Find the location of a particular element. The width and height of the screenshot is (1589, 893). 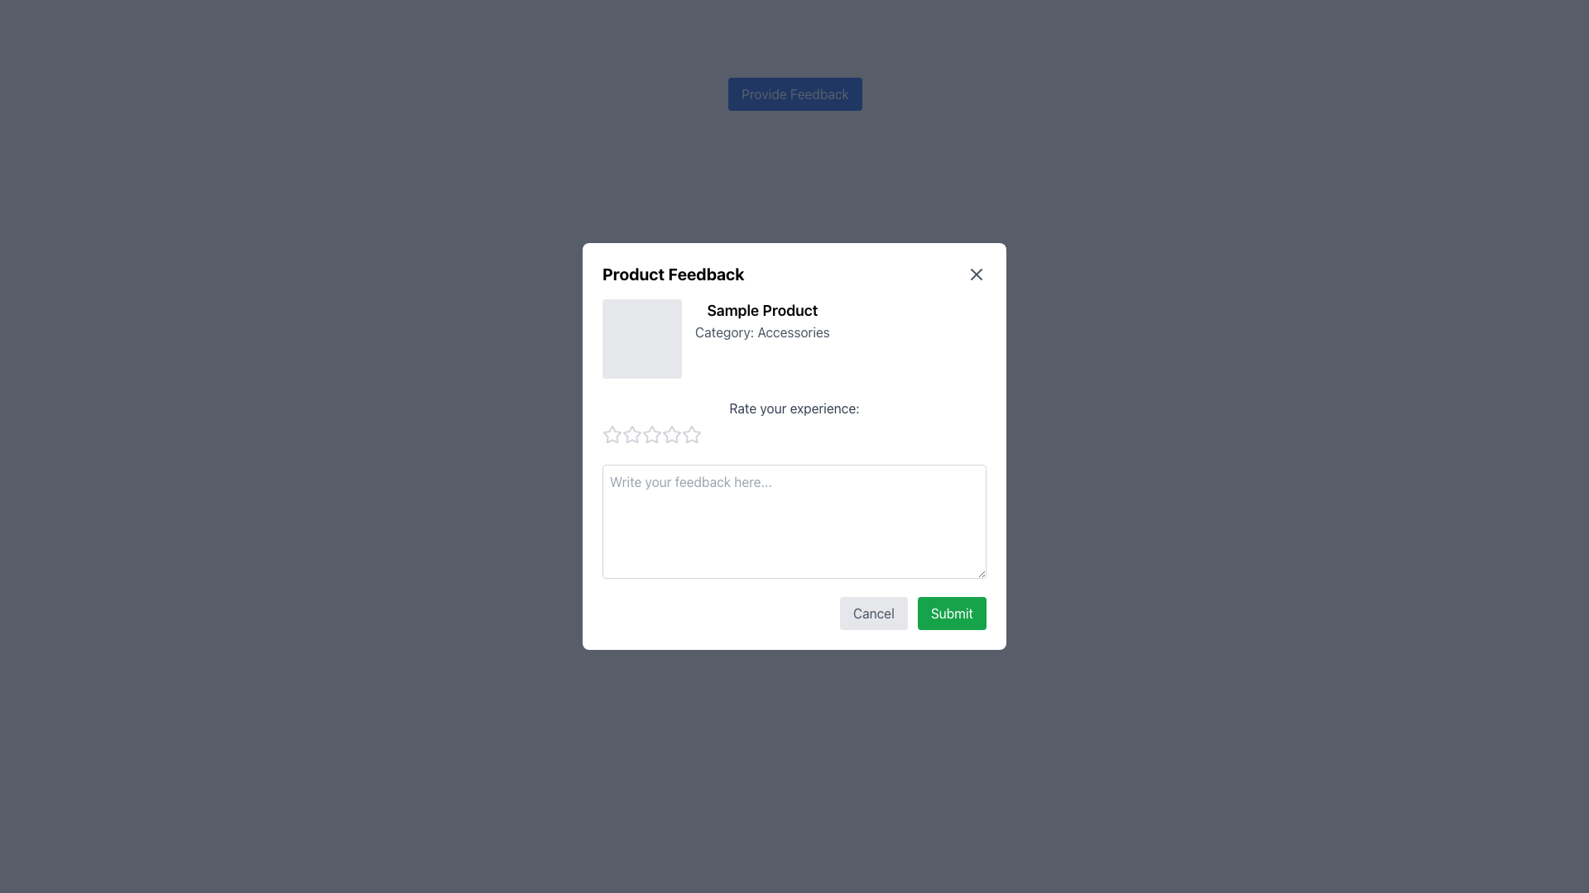

the cross-shaped button in the top-right corner of the 'Product Feedback' dialog is located at coordinates (977, 273).